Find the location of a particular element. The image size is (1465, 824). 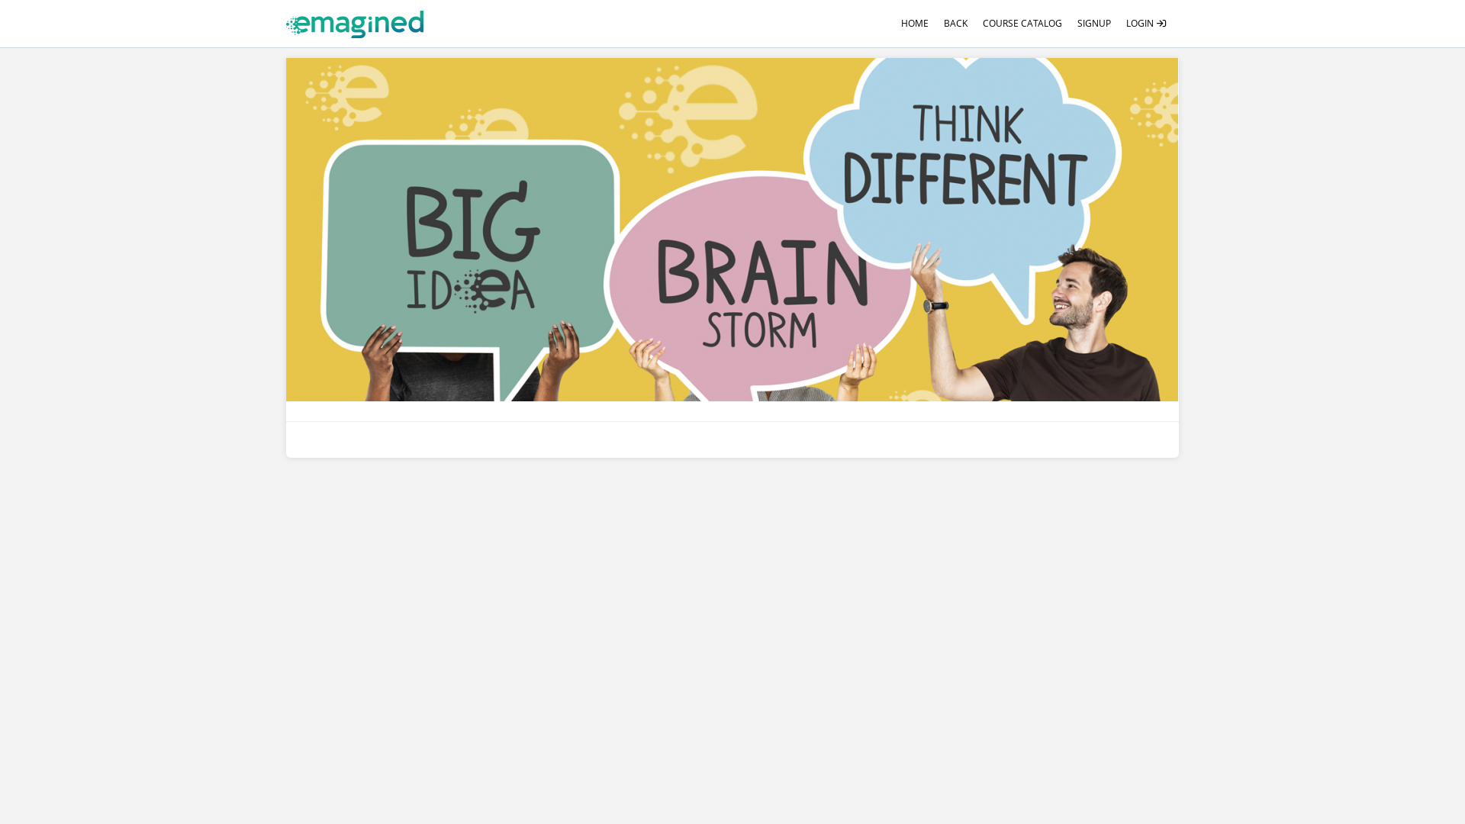

'BACK' is located at coordinates (955, 23).